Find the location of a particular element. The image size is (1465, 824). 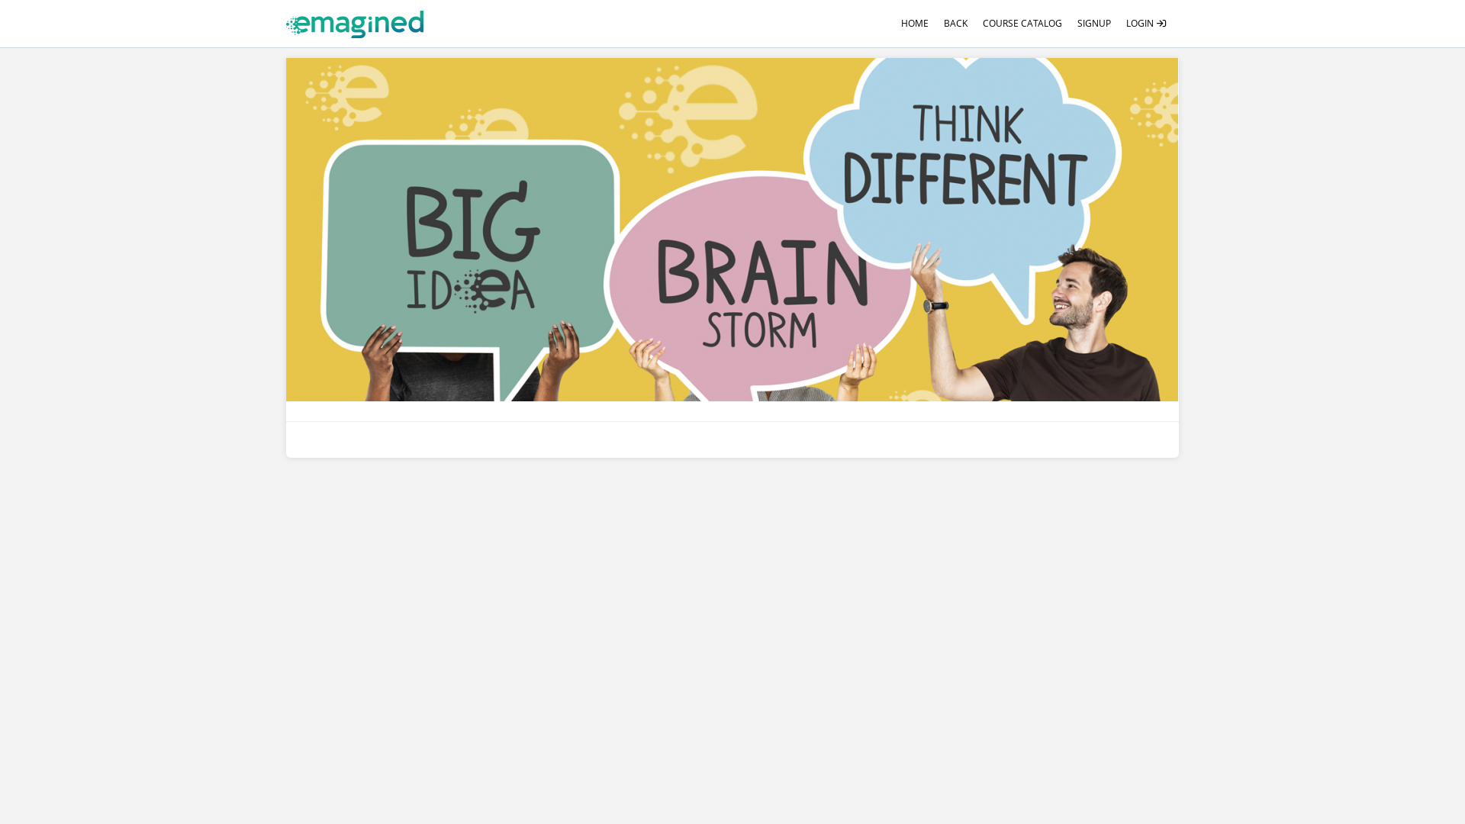

'BACK' is located at coordinates (955, 23).